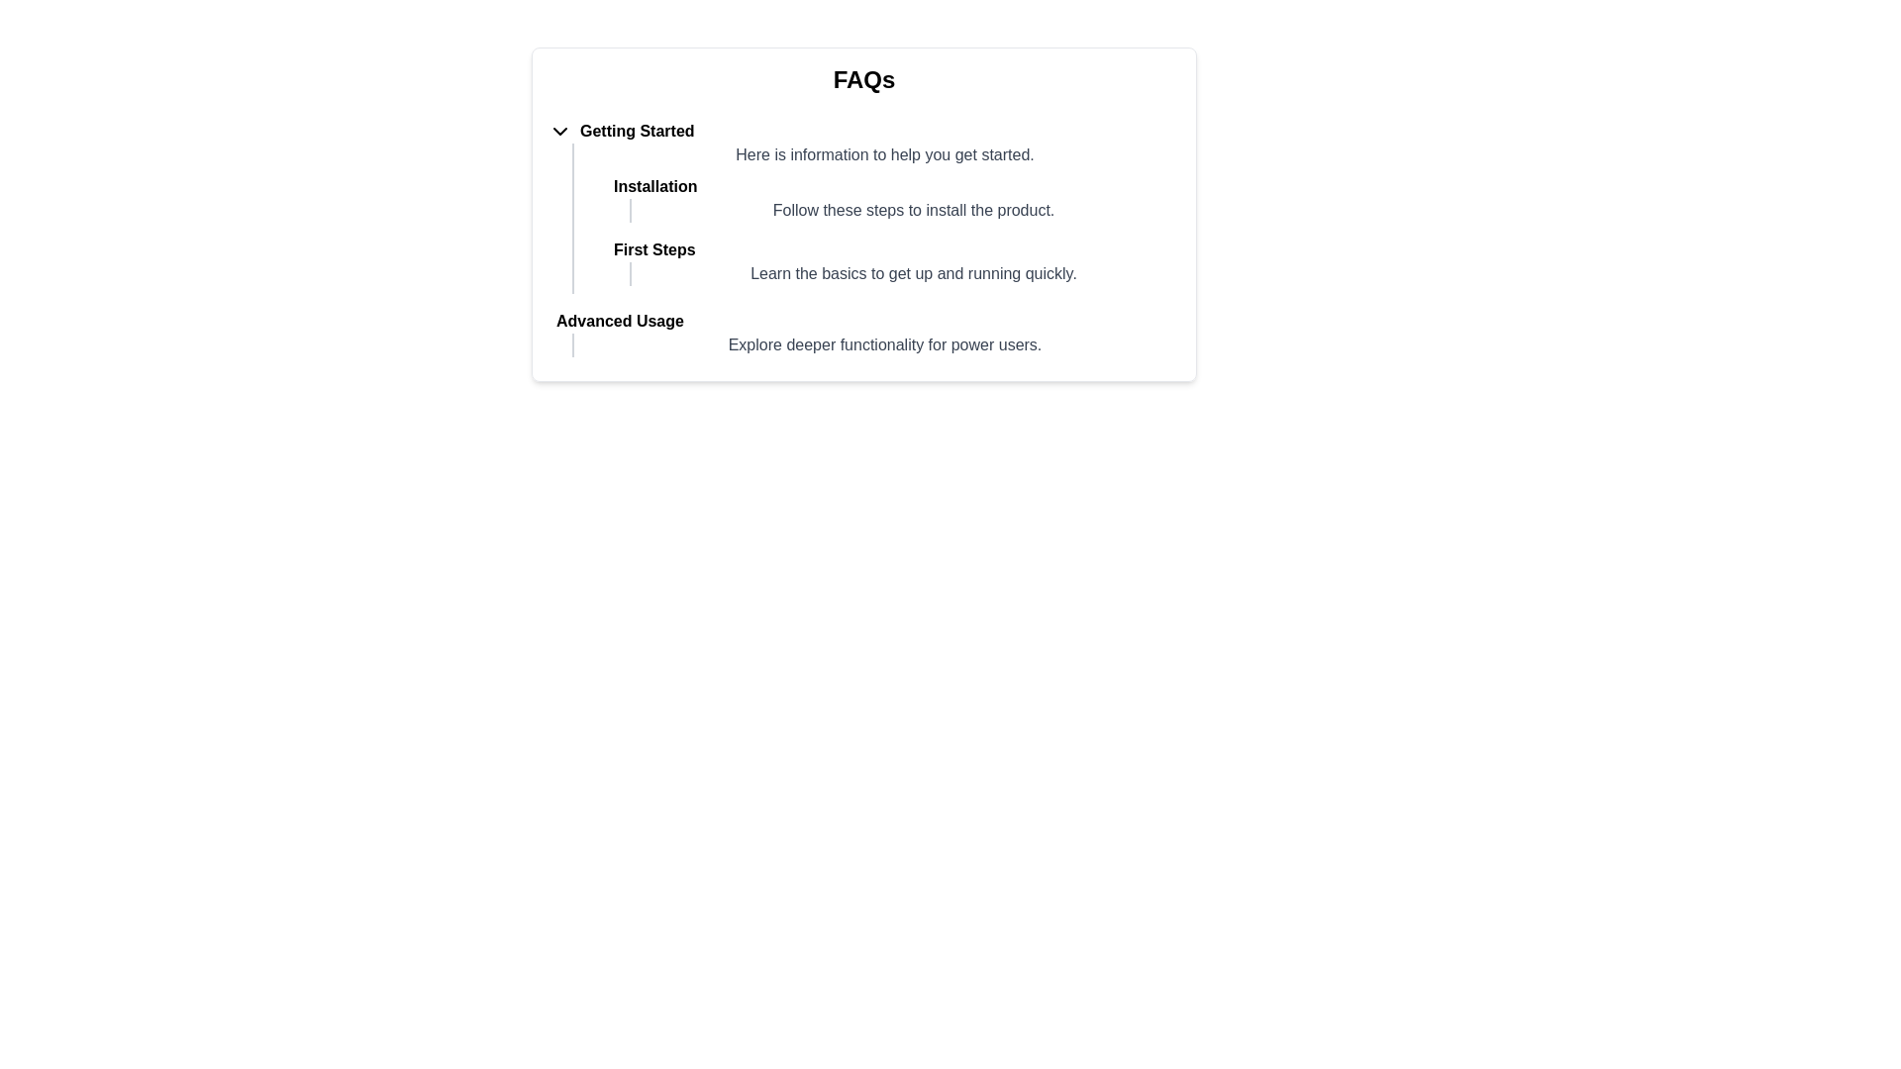 This screenshot has width=1901, height=1069. I want to click on static text snippet that says 'Here is information to help you get started.', which is styled in gray and located beneath the 'Getting Started' heading, so click(883, 154).